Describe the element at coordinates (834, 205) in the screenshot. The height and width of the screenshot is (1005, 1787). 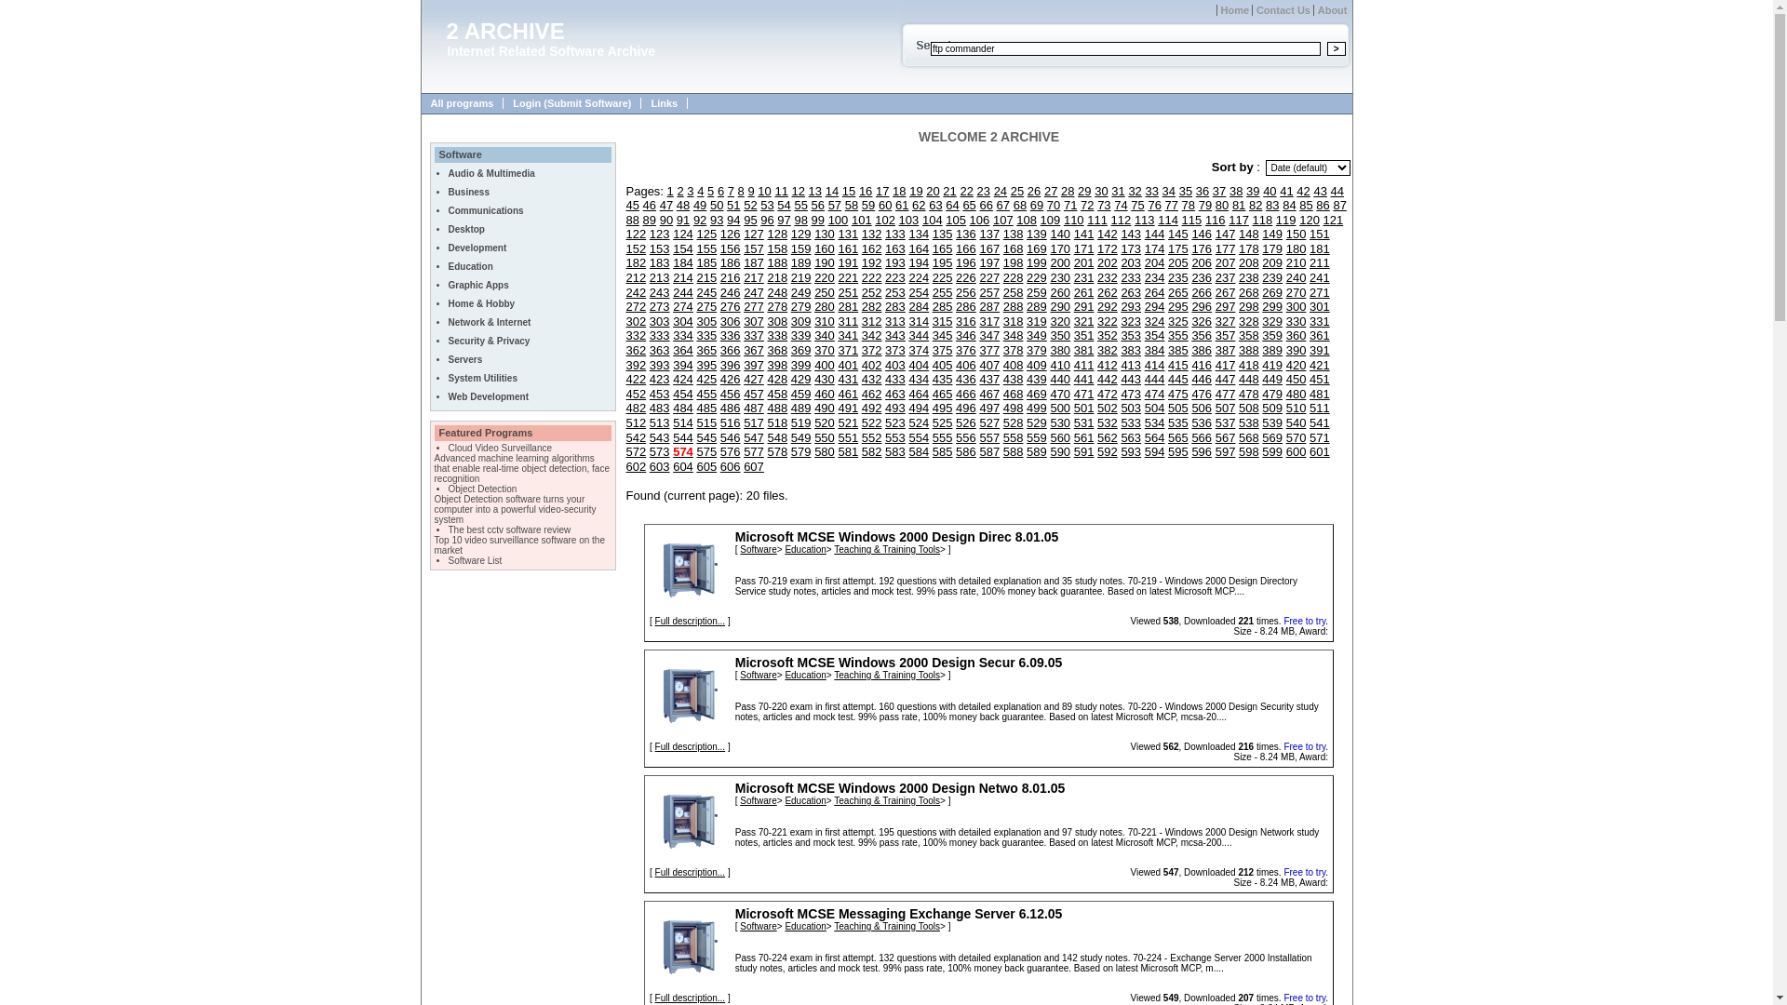
I see `'57'` at that location.